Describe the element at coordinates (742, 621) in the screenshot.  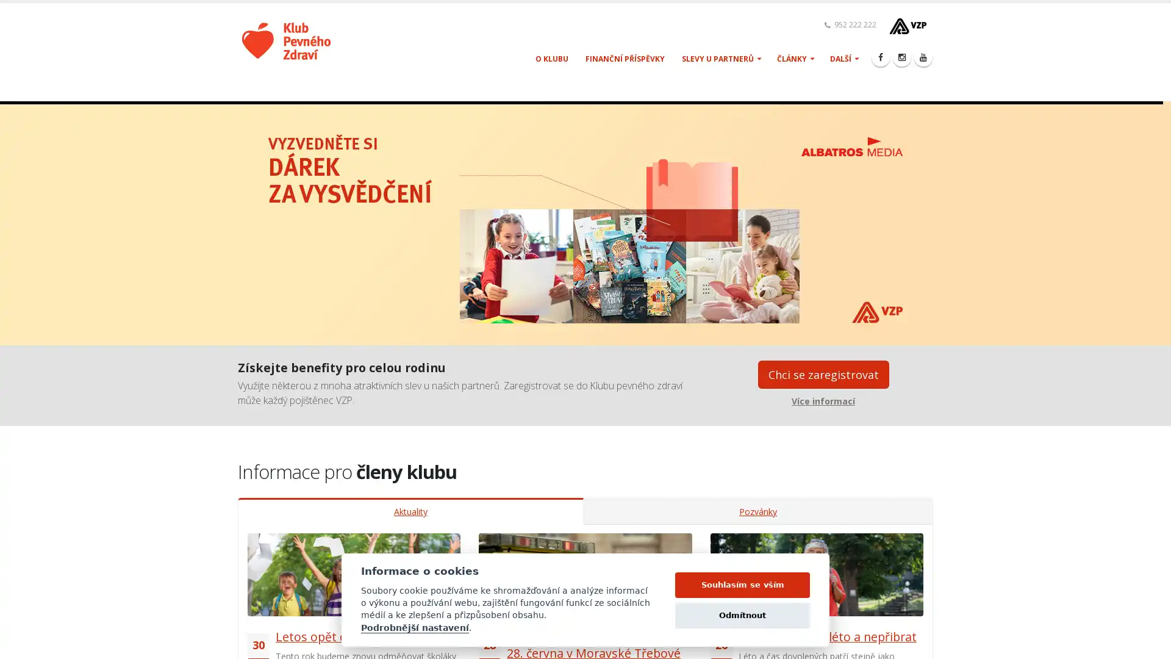
I see `Odmitnout` at that location.